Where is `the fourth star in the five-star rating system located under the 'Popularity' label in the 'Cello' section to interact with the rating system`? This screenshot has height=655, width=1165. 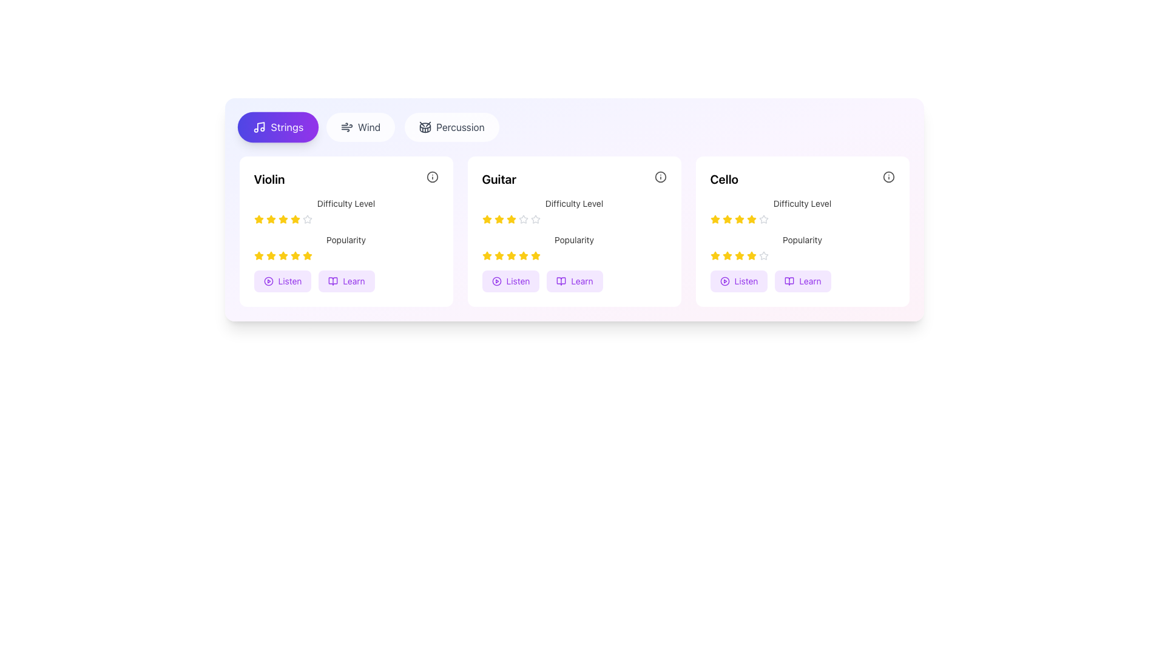 the fourth star in the five-star rating system located under the 'Popularity' label in the 'Cello' section to interact with the rating system is located at coordinates (714, 254).